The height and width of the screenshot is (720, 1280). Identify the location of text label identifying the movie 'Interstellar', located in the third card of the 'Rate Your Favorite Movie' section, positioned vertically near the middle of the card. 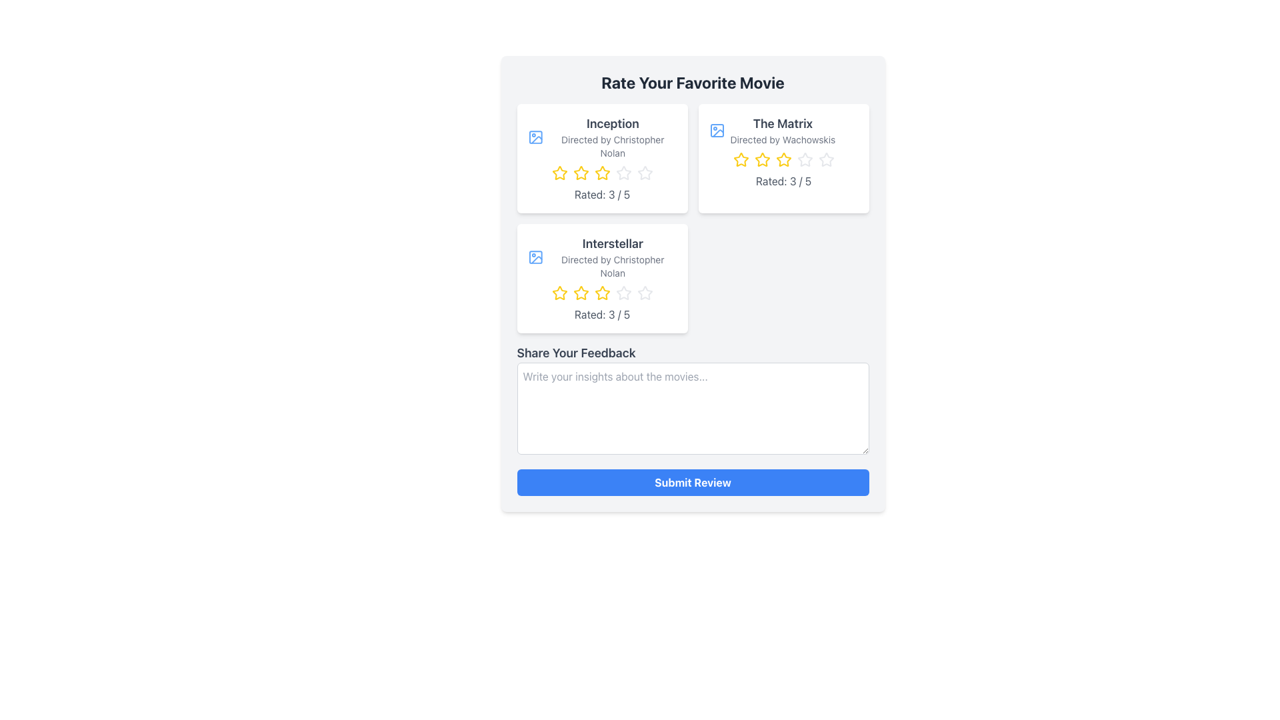
(612, 244).